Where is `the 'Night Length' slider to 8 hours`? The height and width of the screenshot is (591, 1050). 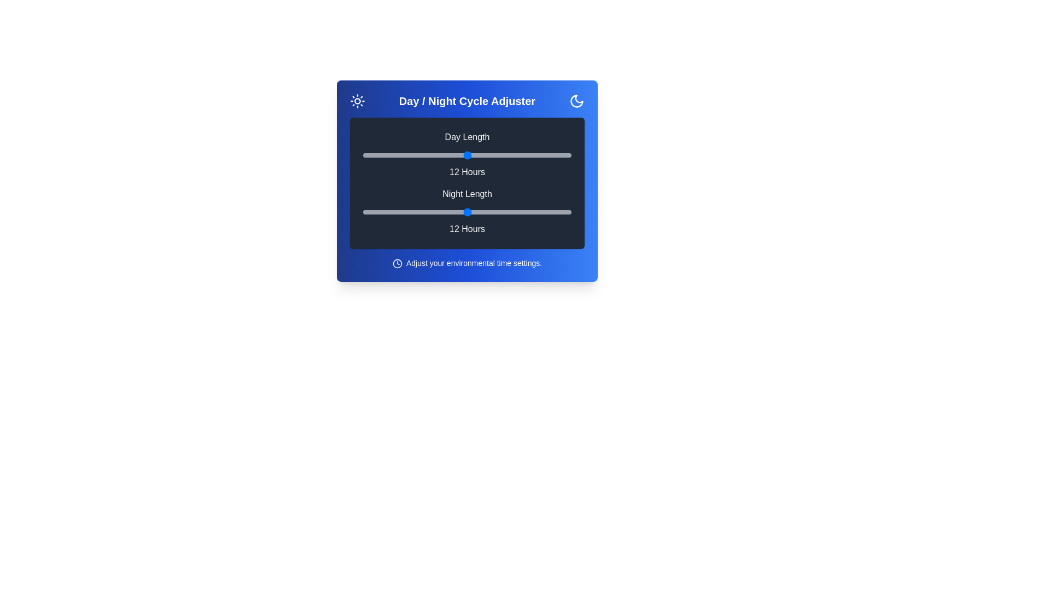
the 'Night Length' slider to 8 hours is located at coordinates (397, 212).